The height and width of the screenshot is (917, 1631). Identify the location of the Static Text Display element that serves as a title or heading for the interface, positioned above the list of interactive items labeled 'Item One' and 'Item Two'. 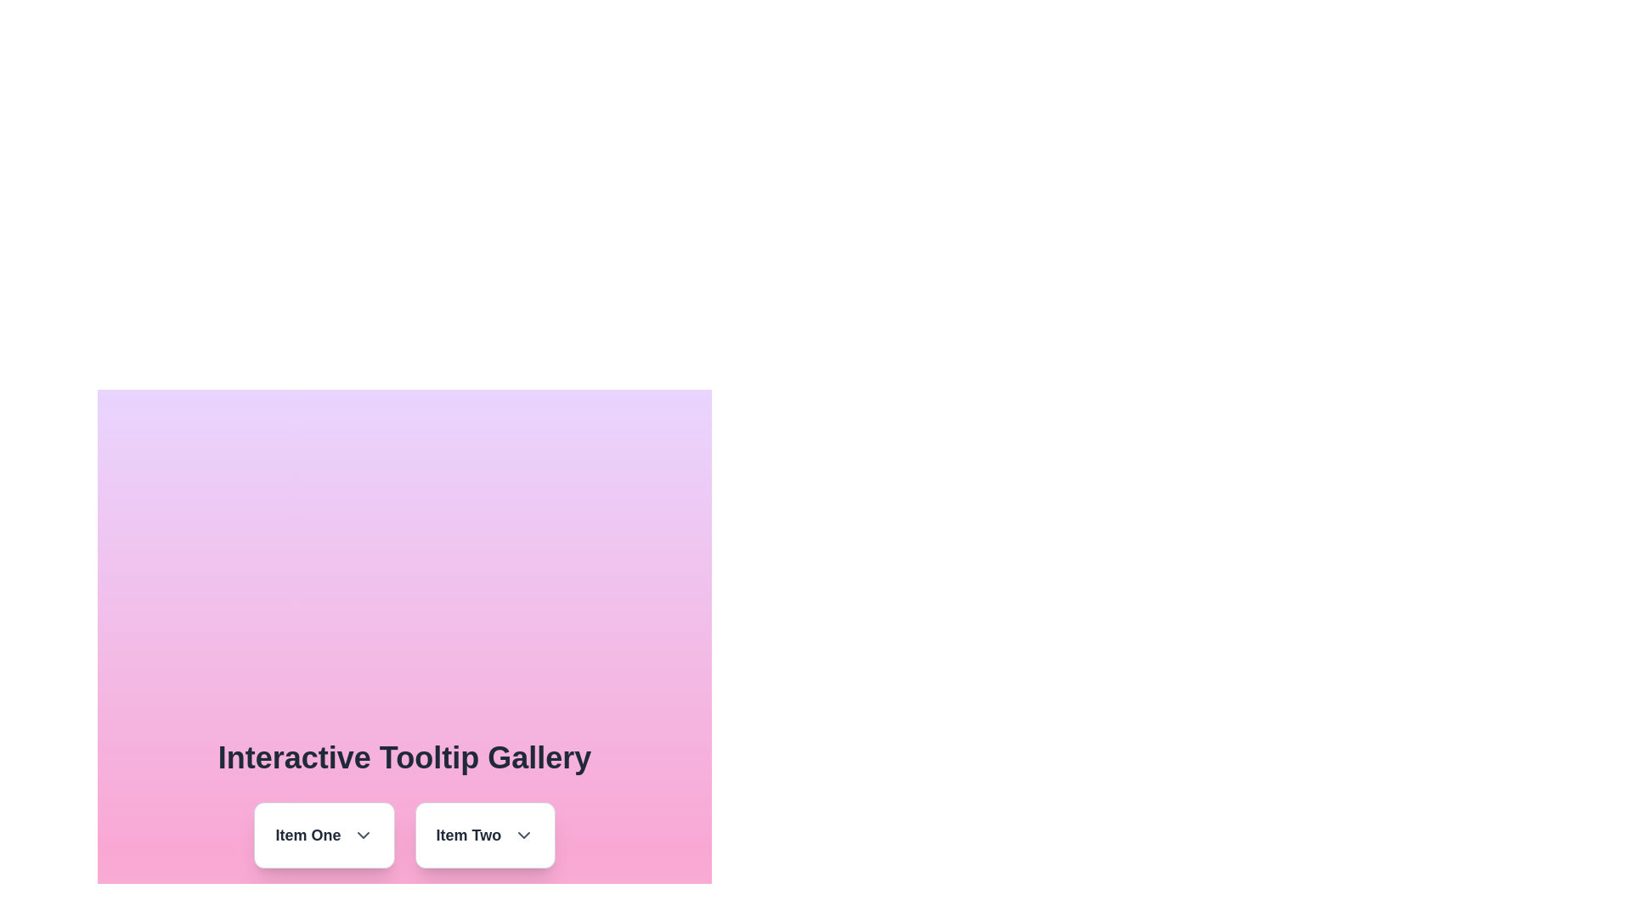
(404, 757).